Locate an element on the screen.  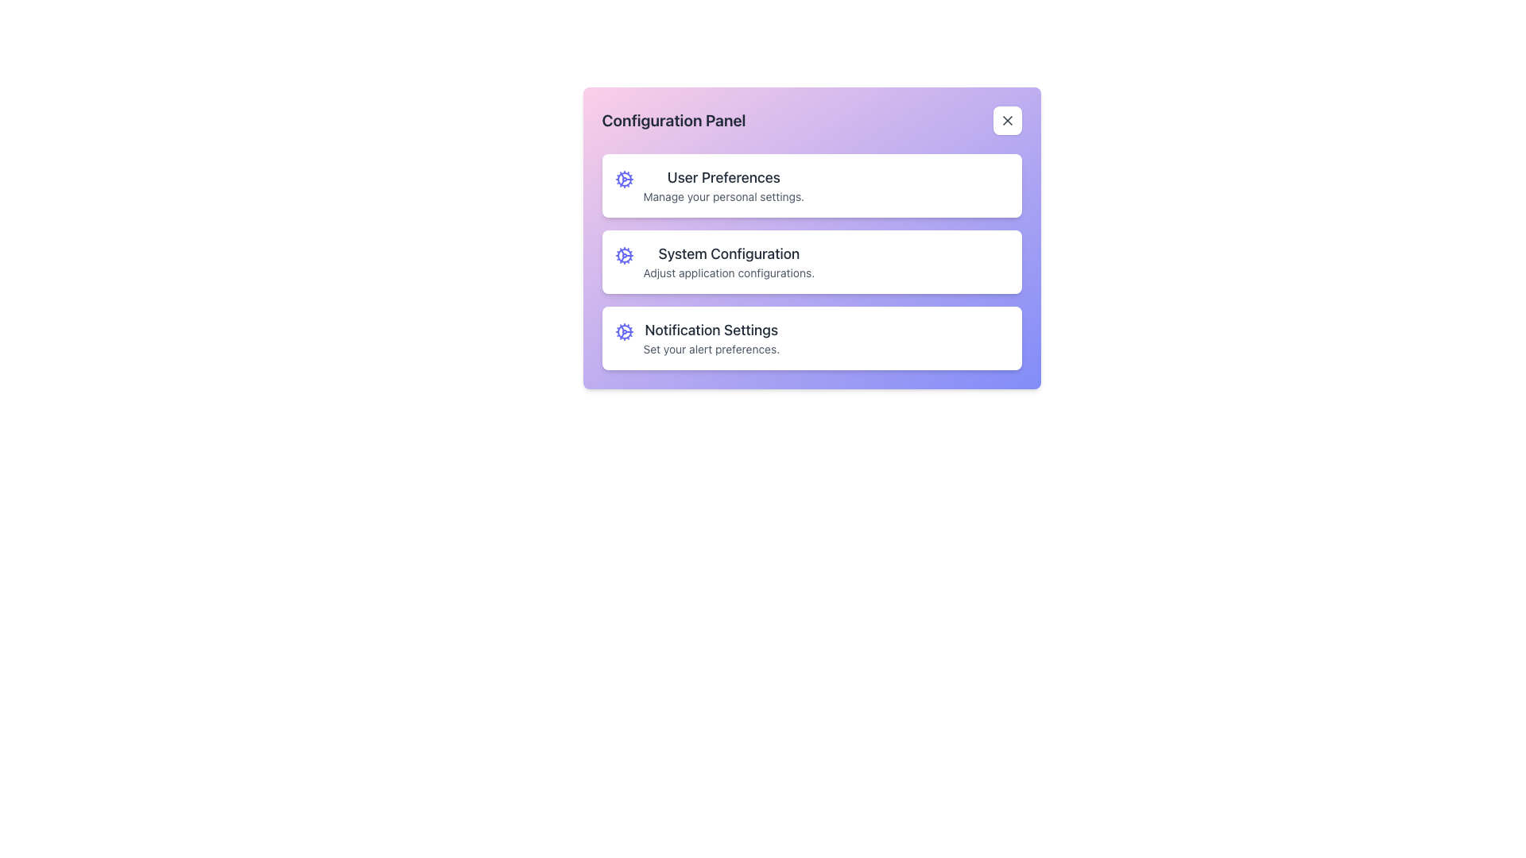
the text label that serves as the title for the first section in the settings panel, which indicates the section it represents is located at coordinates (722, 177).